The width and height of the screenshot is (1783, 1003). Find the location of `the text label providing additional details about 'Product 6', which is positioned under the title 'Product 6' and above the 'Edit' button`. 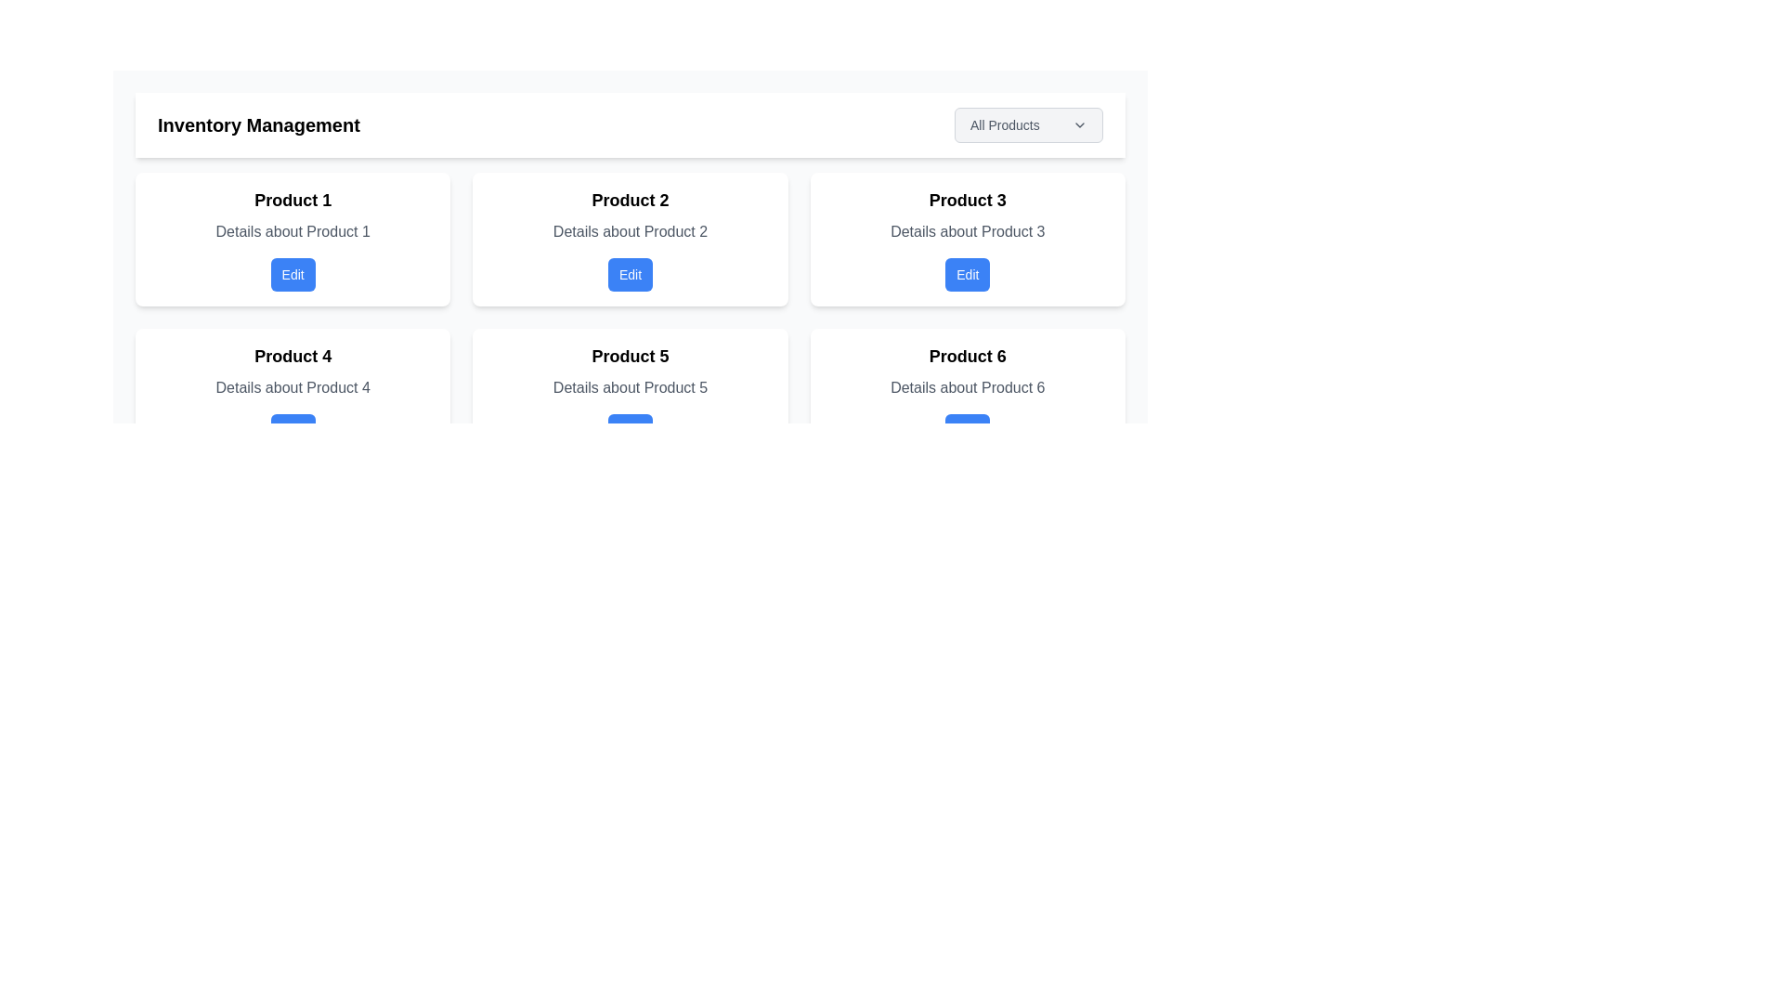

the text label providing additional details about 'Product 6', which is positioned under the title 'Product 6' and above the 'Edit' button is located at coordinates (967, 386).